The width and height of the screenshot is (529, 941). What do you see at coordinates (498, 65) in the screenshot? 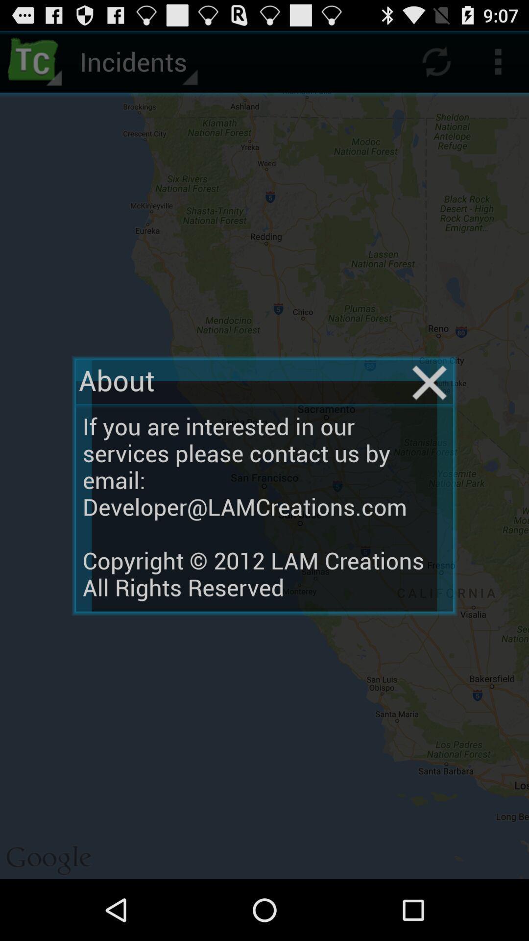
I see `the more icon` at bounding box center [498, 65].